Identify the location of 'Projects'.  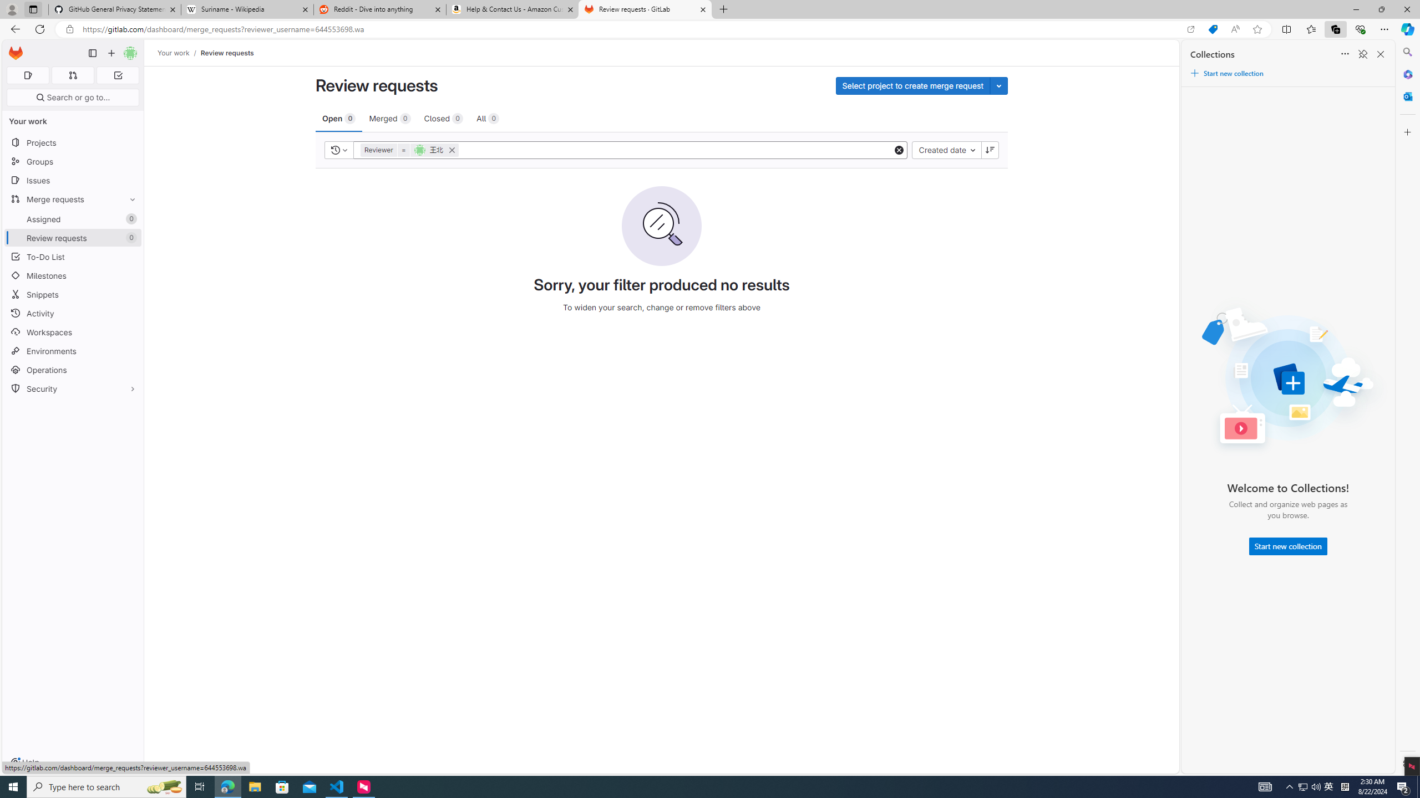
(72, 142).